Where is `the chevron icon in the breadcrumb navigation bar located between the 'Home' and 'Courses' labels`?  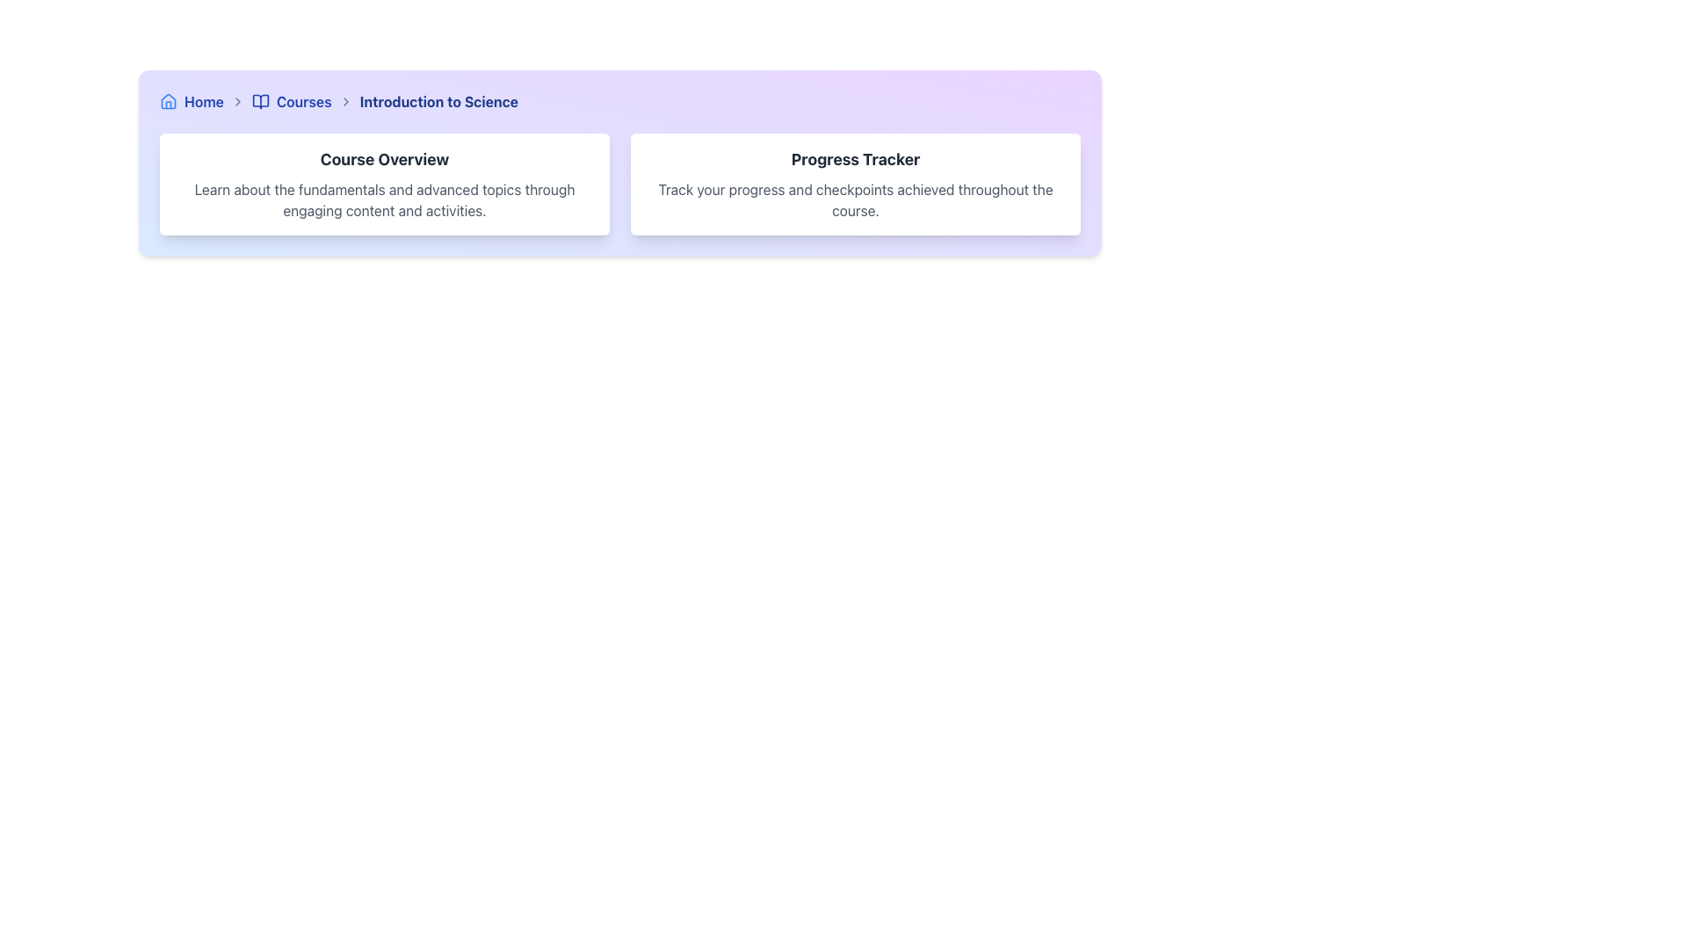 the chevron icon in the breadcrumb navigation bar located between the 'Home' and 'Courses' labels is located at coordinates (236, 101).